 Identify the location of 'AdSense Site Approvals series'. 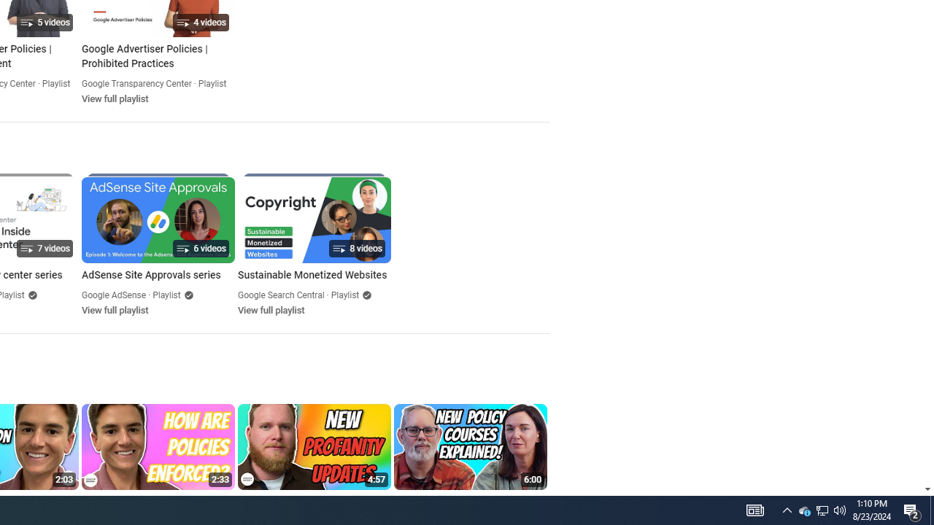
(158, 276).